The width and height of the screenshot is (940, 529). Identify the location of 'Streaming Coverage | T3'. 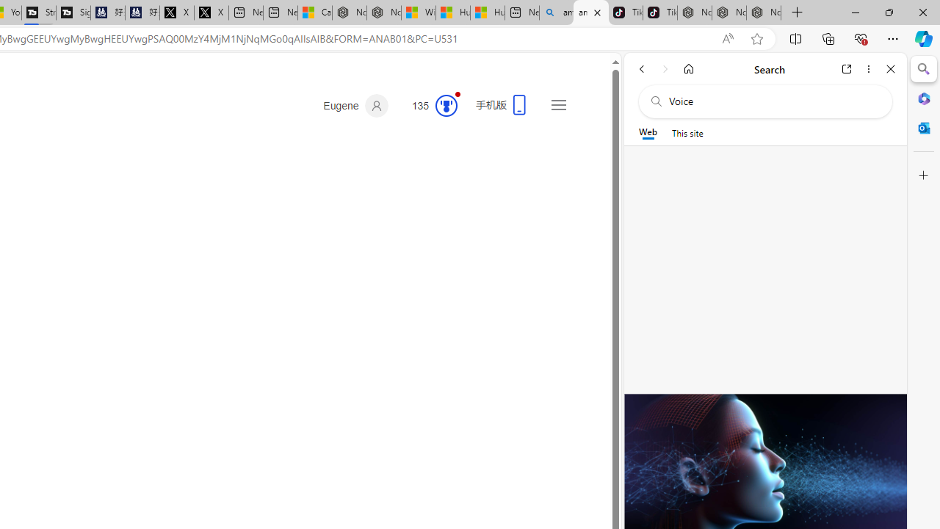
(38, 12).